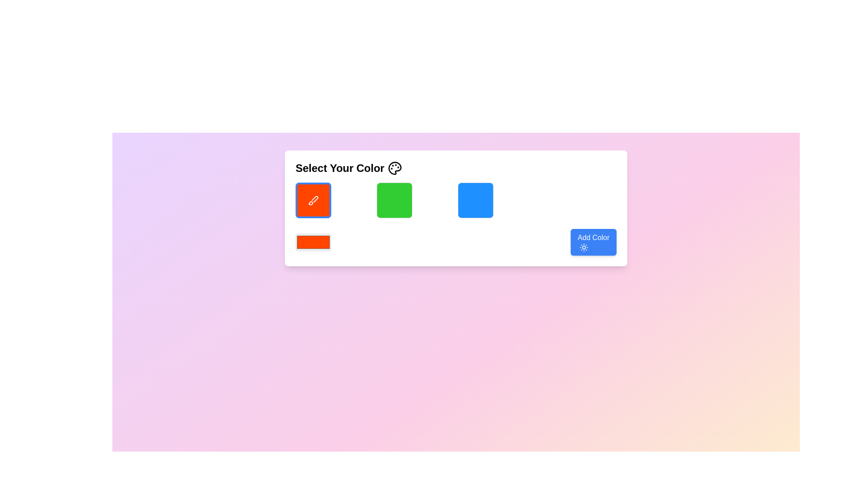 This screenshot has width=856, height=481. Describe the element at coordinates (395, 168) in the screenshot. I see `the artist's palette icon located in the top-right corner of the white rectangular card, next to the 'Select Your Color' text` at that location.